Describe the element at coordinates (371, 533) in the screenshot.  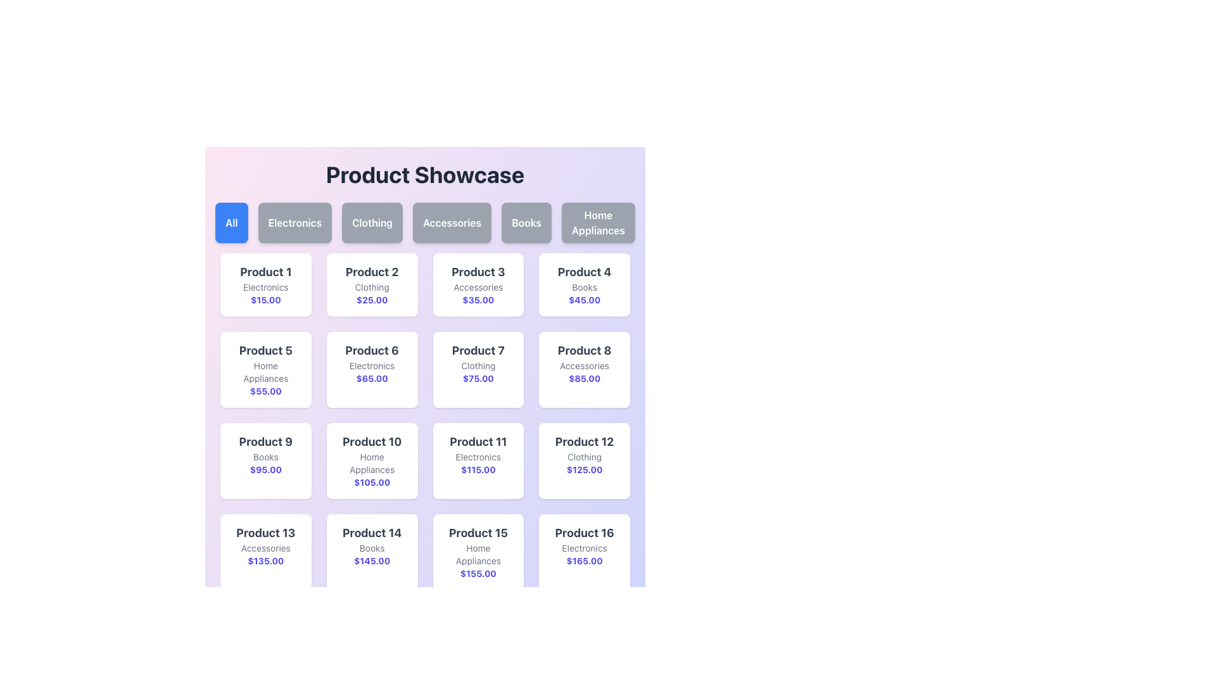
I see `the text label displaying 'Product 14', which is styled in bold and dark gray, located in the second row from the bottom of the product card grid` at that location.